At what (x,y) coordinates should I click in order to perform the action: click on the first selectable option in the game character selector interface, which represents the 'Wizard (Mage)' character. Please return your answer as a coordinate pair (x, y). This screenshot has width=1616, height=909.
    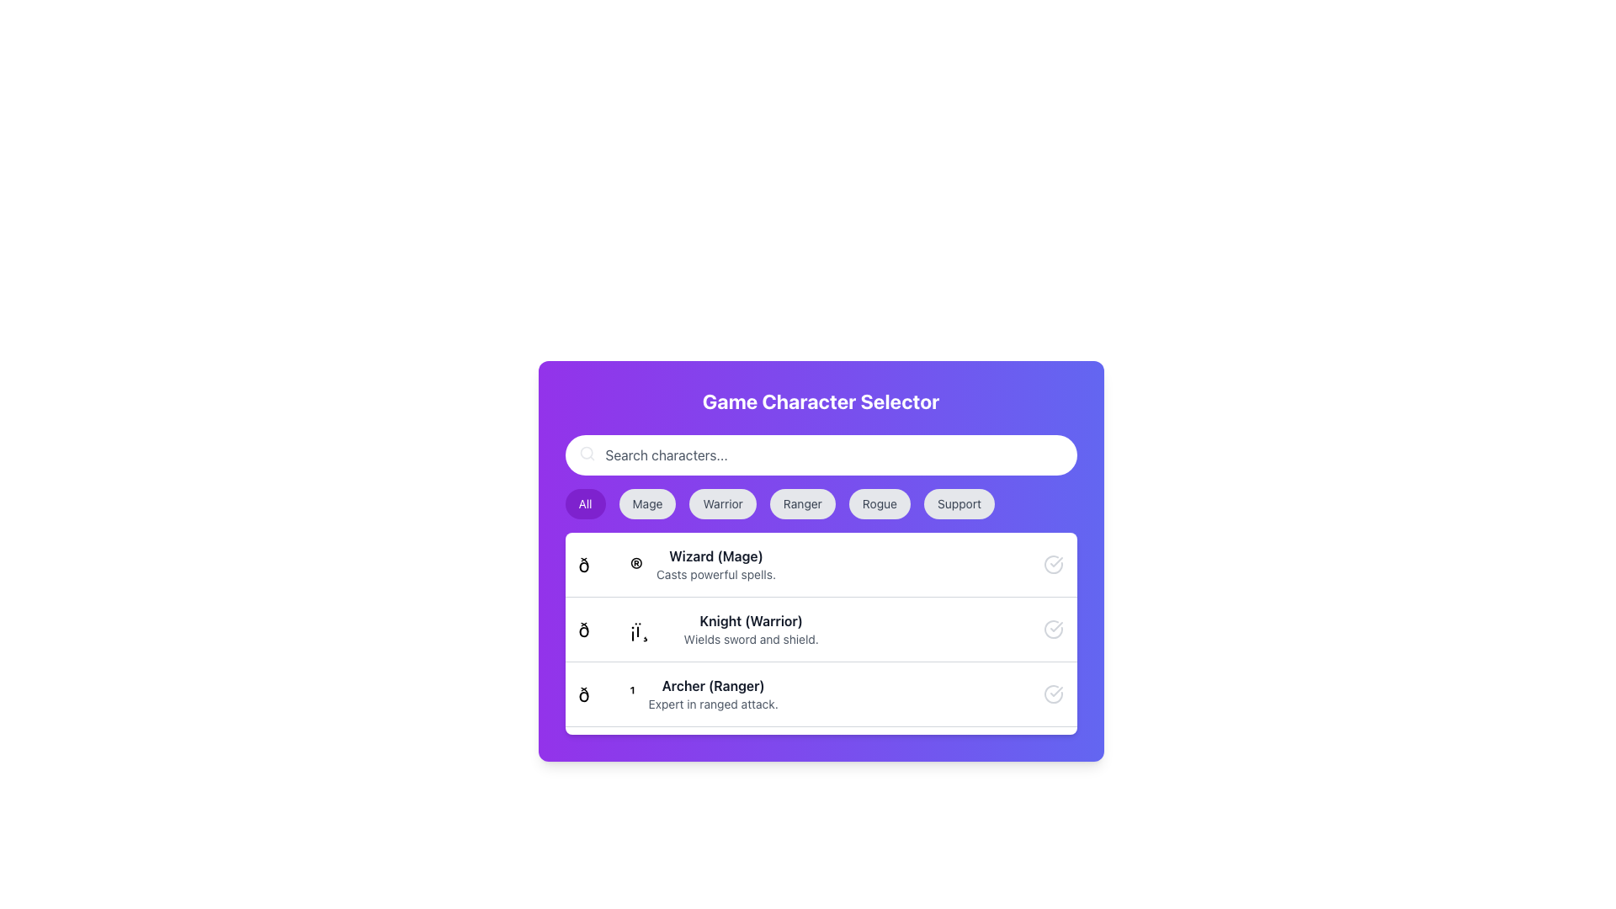
    Looking at the image, I should click on (677, 565).